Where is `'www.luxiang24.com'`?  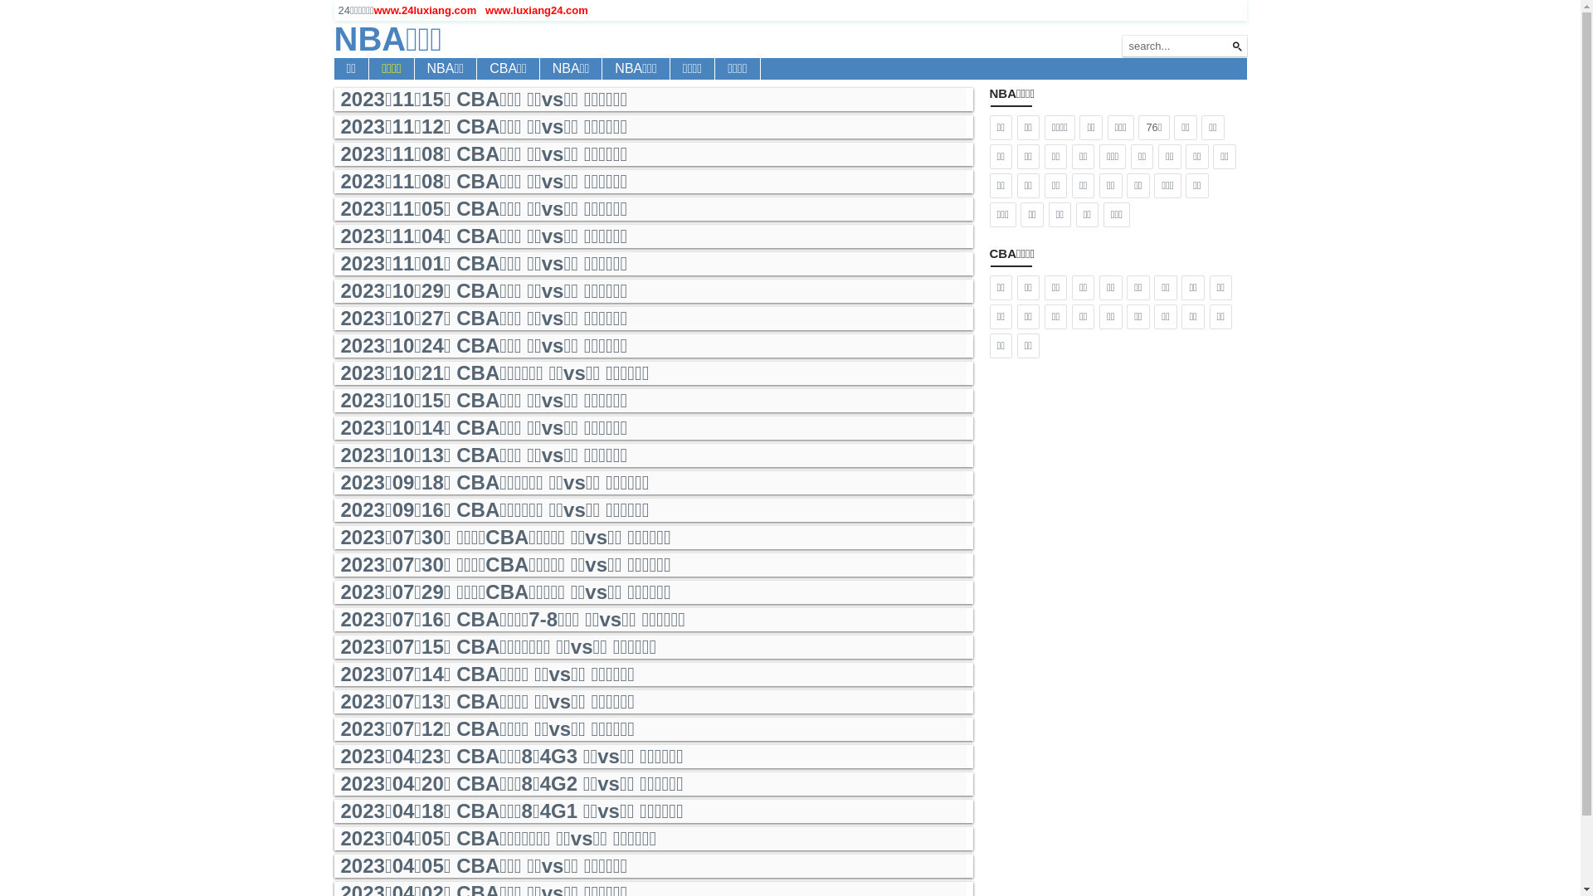
'www.luxiang24.com' is located at coordinates (485, 10).